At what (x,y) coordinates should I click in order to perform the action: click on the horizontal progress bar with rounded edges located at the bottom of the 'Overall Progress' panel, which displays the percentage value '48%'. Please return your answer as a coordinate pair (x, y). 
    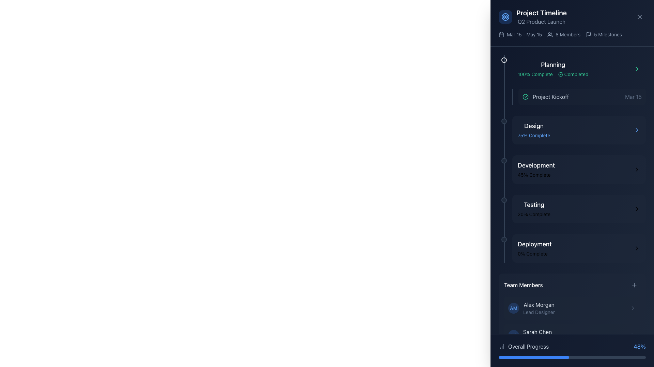
    Looking at the image, I should click on (572, 357).